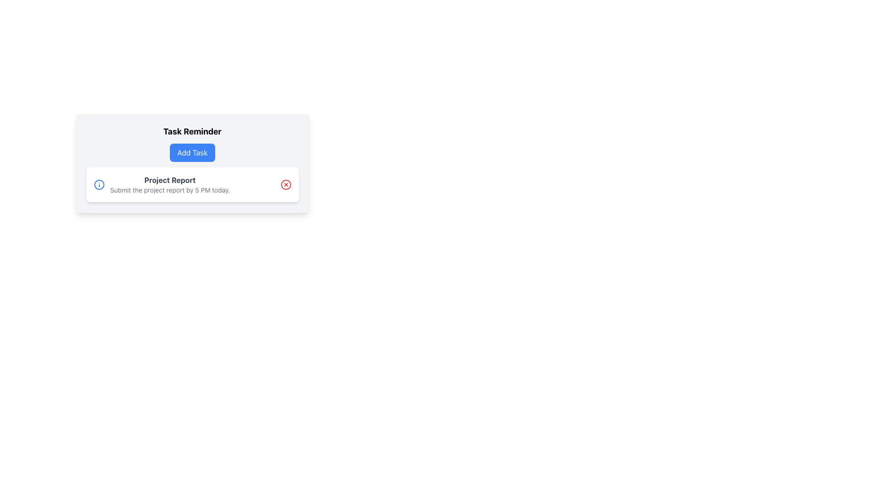 Image resolution: width=879 pixels, height=494 pixels. I want to click on the informational text that specifies the deadline as '5 PM today', located below the bold title 'Project Report' and to the right of an informational icon, so click(170, 190).